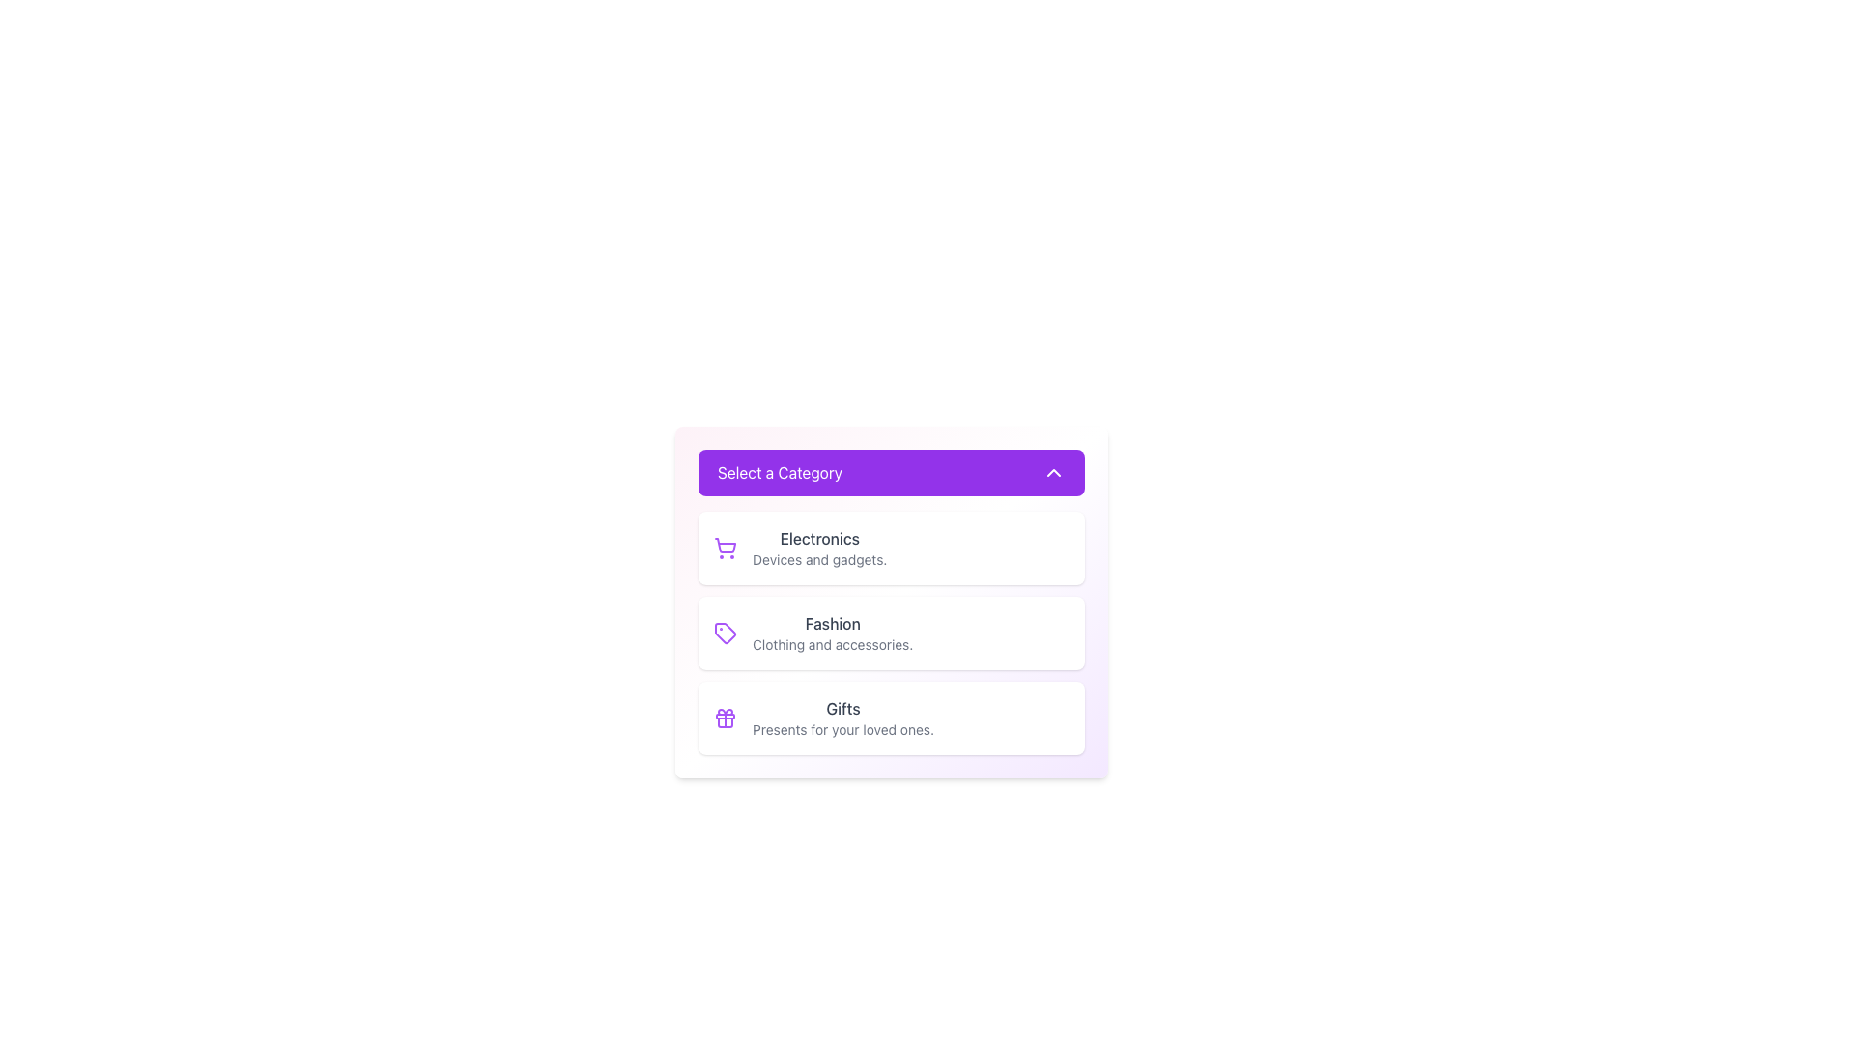 The width and height of the screenshot is (1855, 1043). Describe the element at coordinates (833, 623) in the screenshot. I see `the 'Fashion' text label, which is the primary label for the category related to clothing and accessories located in the category list under 'Select a Category'` at that location.